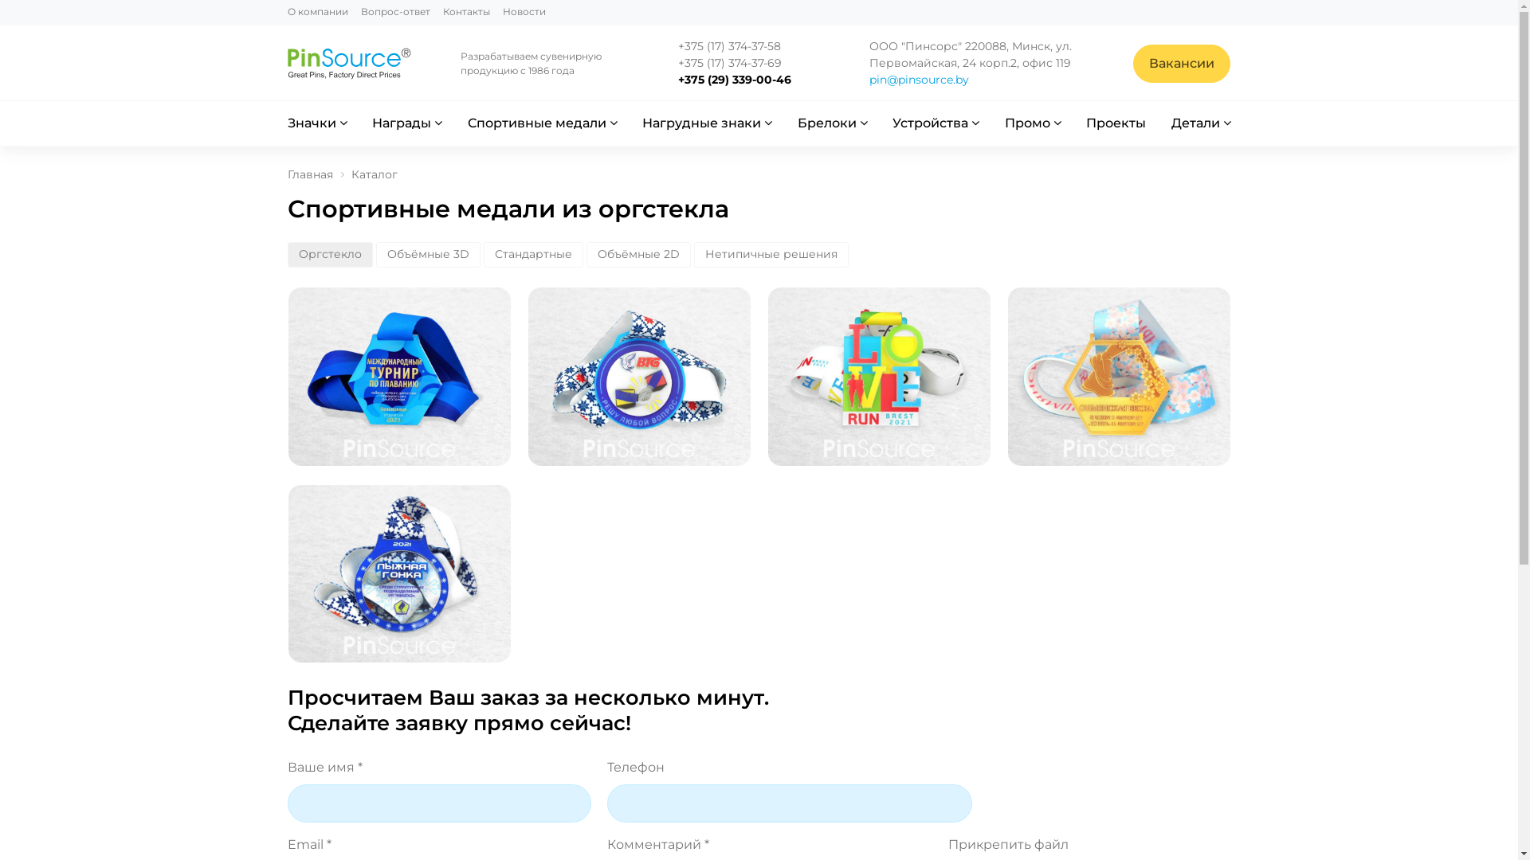  I want to click on '+375 (29) 339-00-46', so click(736, 80).